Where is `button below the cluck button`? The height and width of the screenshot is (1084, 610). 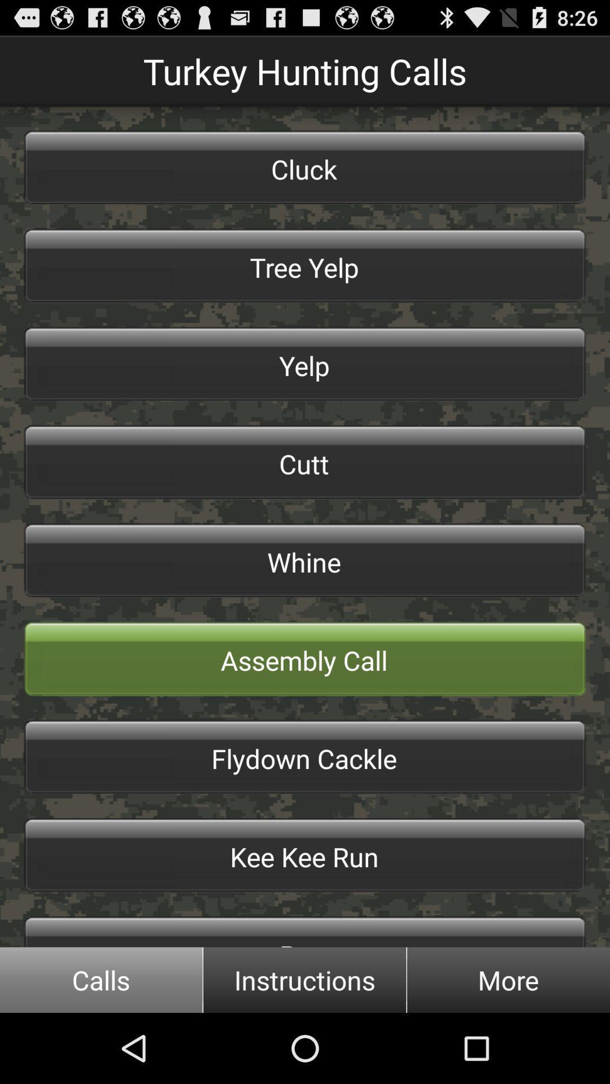
button below the cluck button is located at coordinates (305, 265).